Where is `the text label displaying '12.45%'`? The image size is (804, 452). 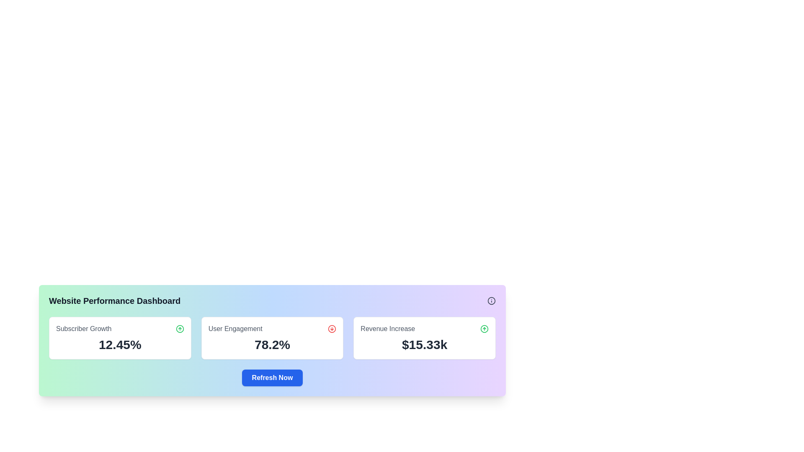
the text label displaying '12.45%' is located at coordinates (119, 345).